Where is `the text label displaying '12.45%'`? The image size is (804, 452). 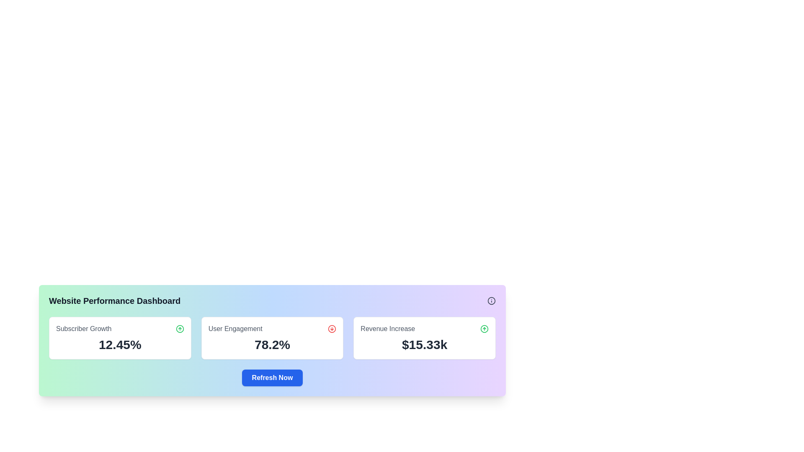
the text label displaying '12.45%' is located at coordinates (119, 345).